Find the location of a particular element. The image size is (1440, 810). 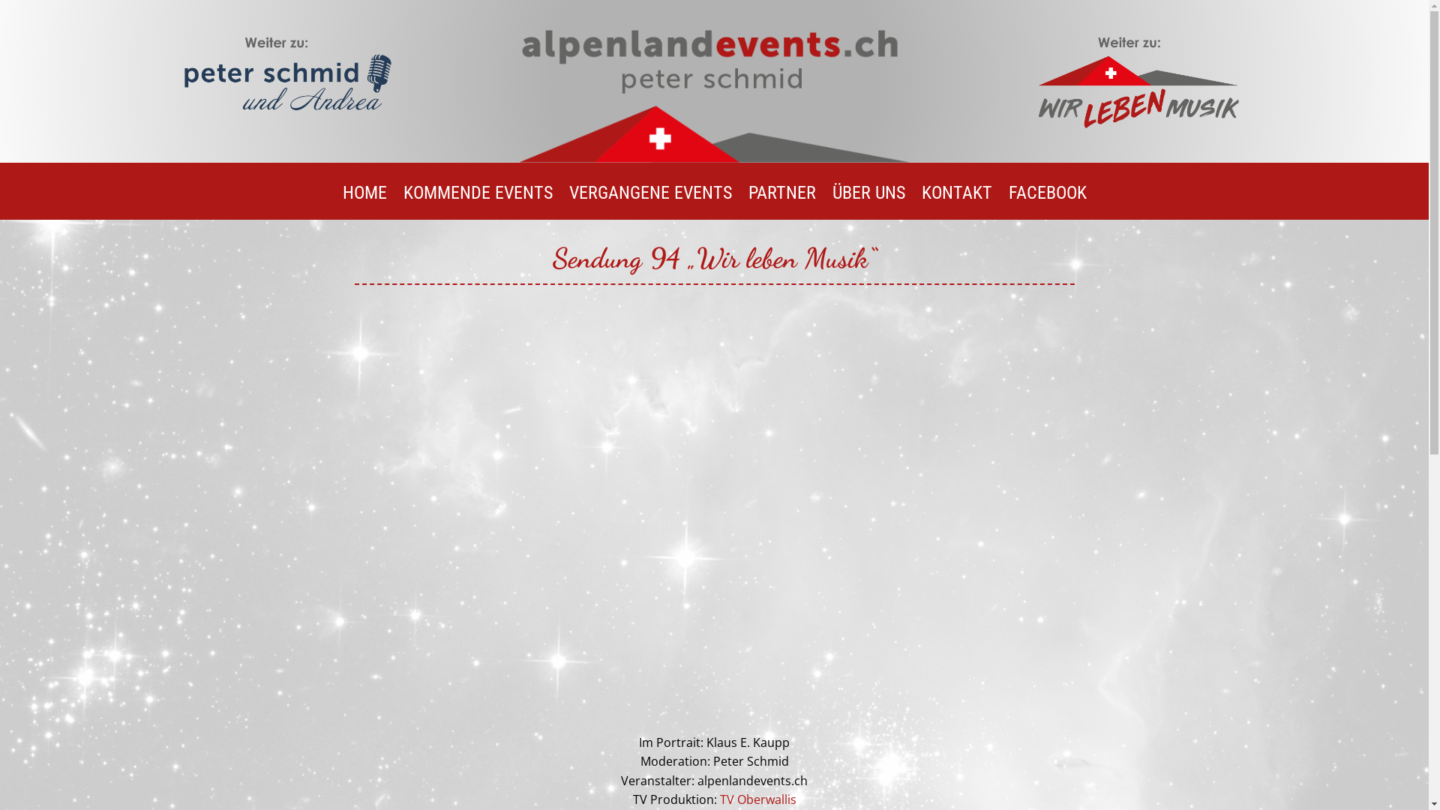

'TV Oberwallis' is located at coordinates (758, 798).